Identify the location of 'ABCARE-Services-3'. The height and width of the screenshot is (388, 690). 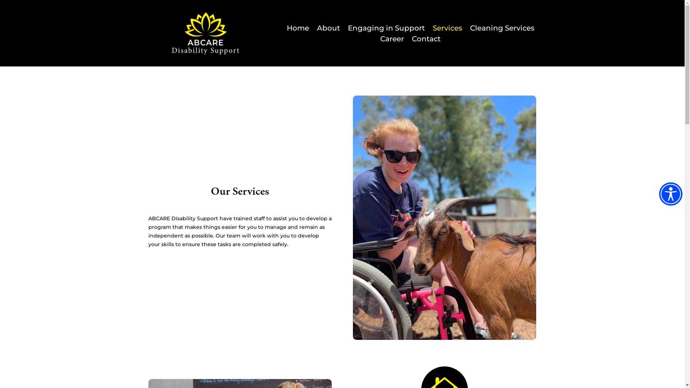
(353, 217).